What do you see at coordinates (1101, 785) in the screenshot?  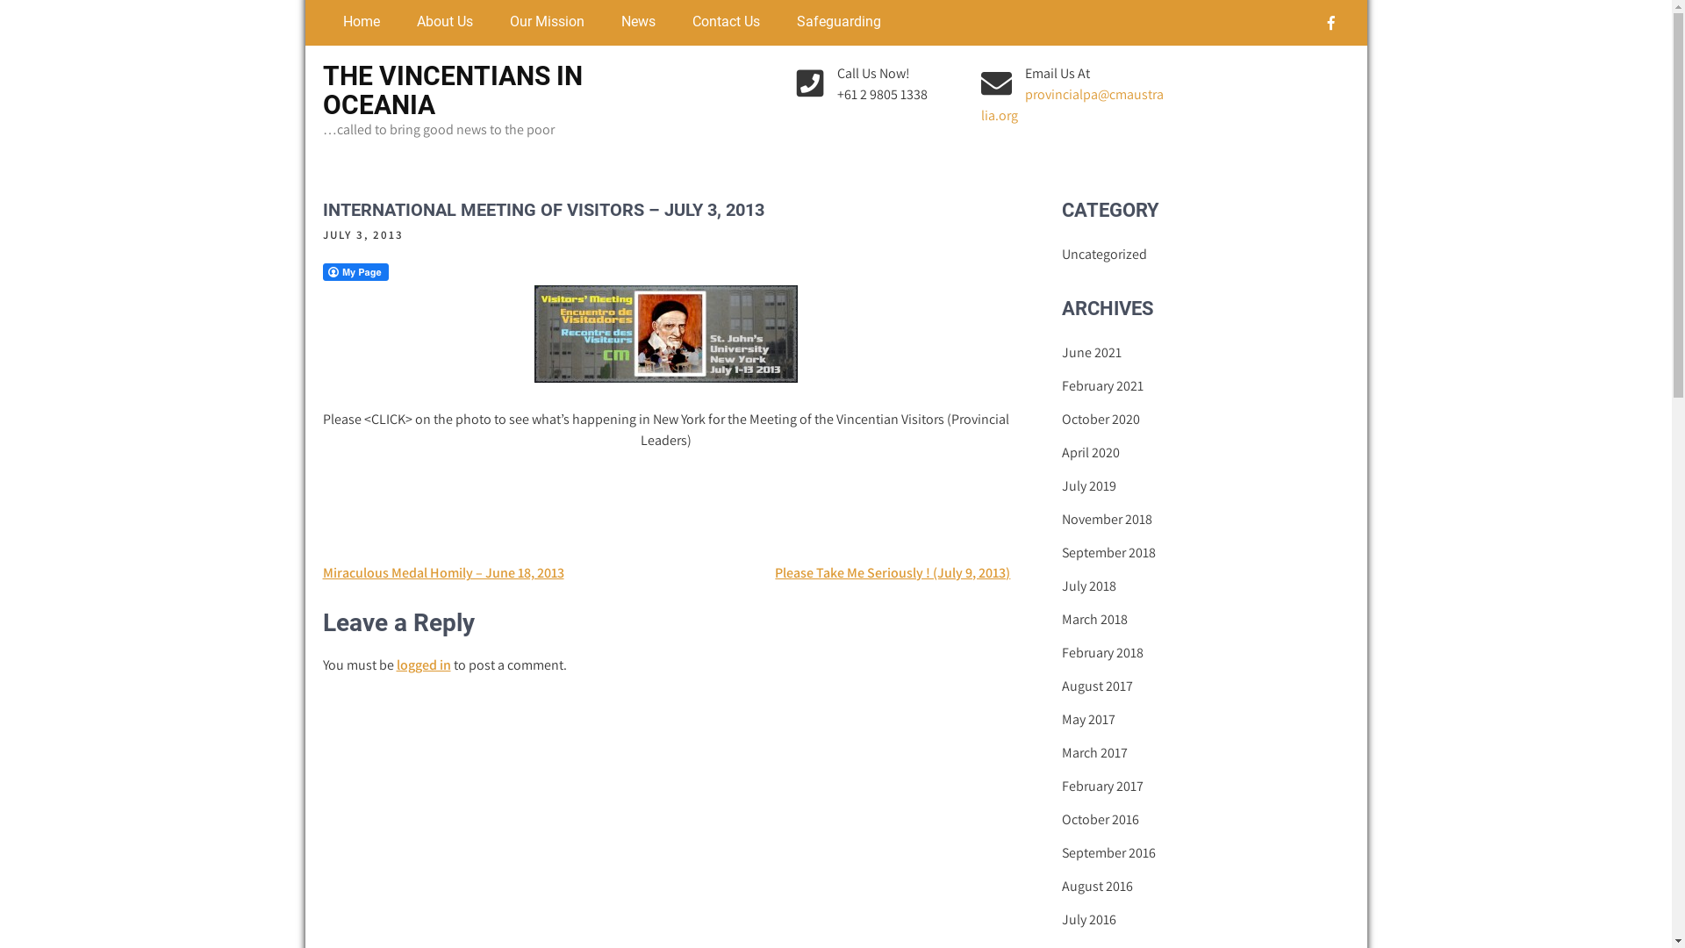 I see `'February 2017'` at bounding box center [1101, 785].